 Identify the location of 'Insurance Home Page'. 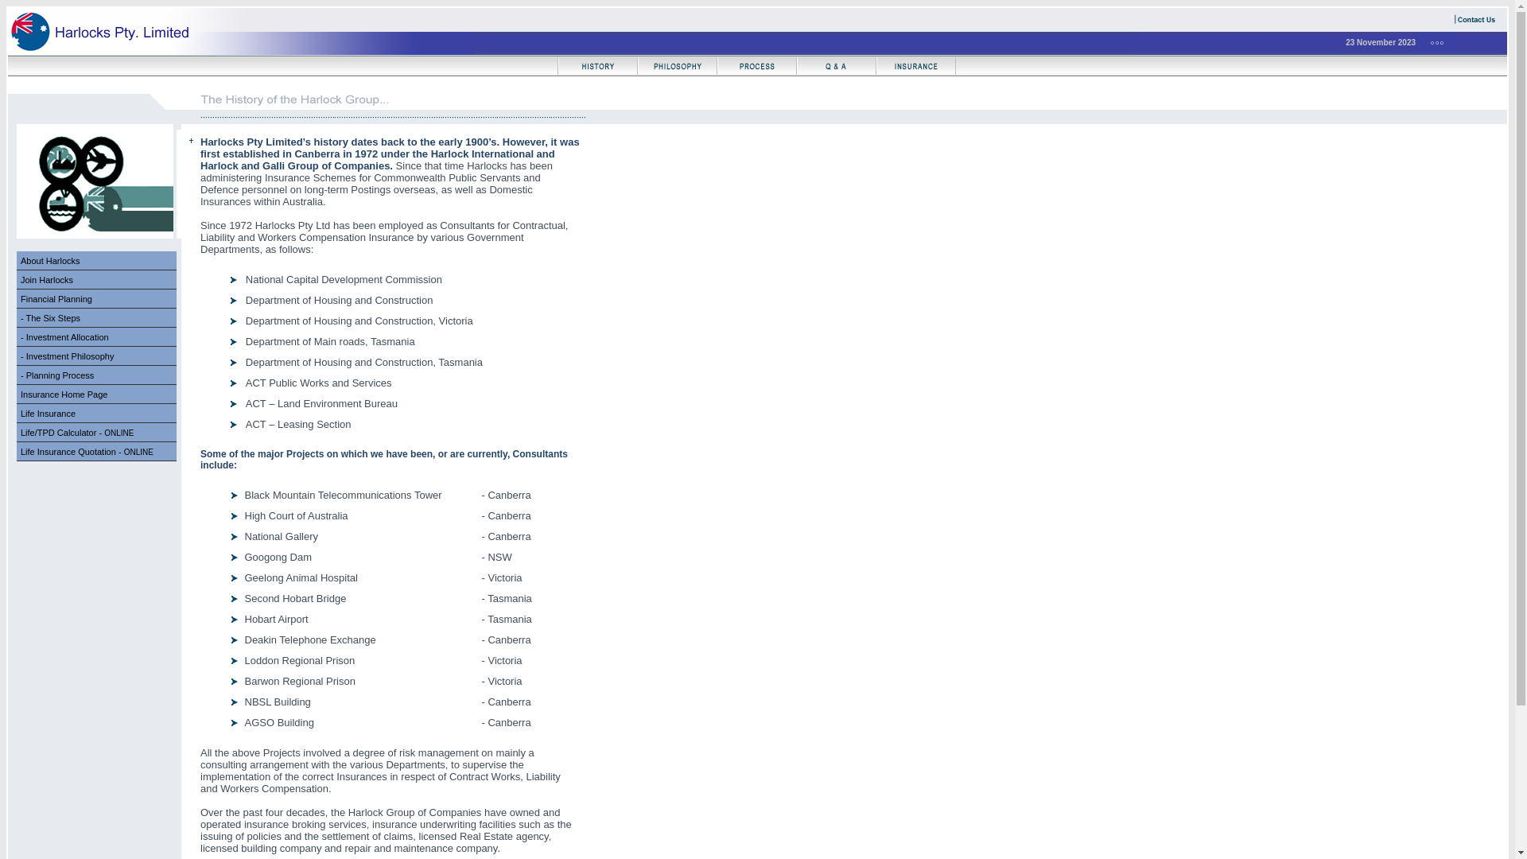
(95, 394).